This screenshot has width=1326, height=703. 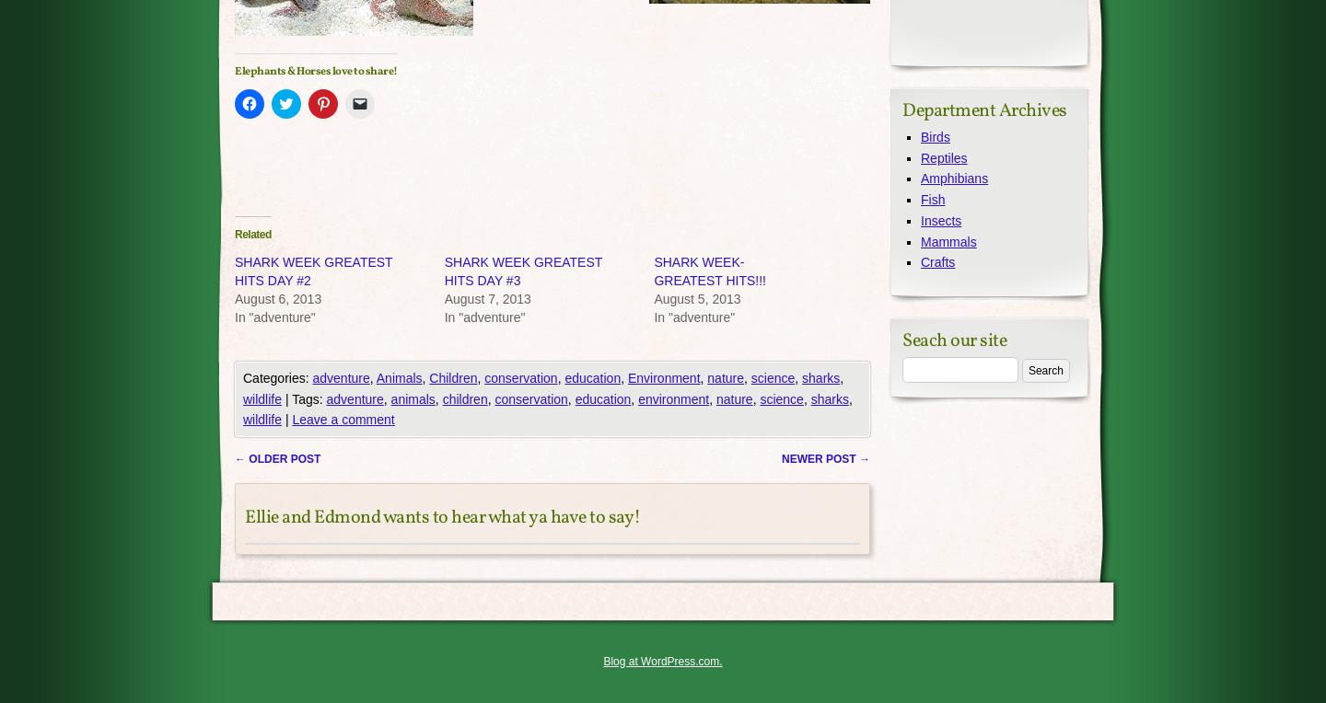 What do you see at coordinates (954, 340) in the screenshot?
I see `'Seach our site'` at bounding box center [954, 340].